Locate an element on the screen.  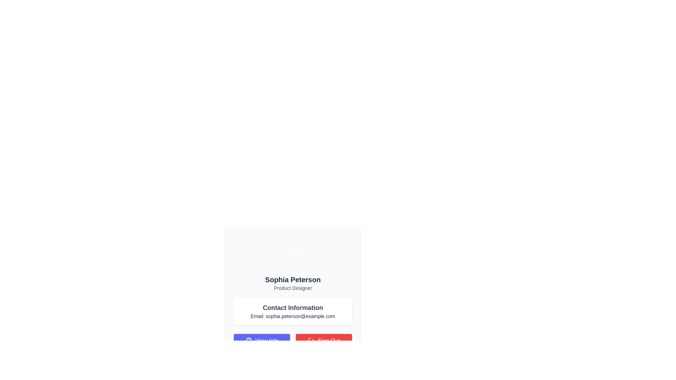
the bold text label displaying 'Contact Information' within the white card containing contact details is located at coordinates (293, 308).